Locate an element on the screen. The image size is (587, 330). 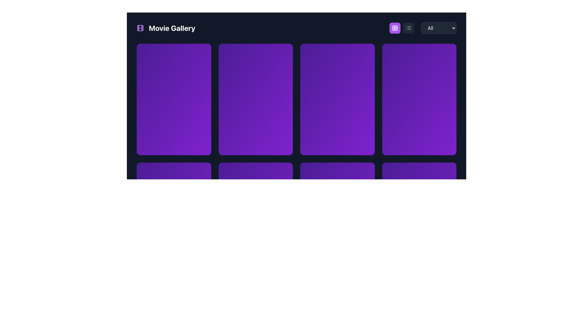
the Card element located in the top-left position of the Movie Gallery grid layout to interact with it is located at coordinates (173, 99).